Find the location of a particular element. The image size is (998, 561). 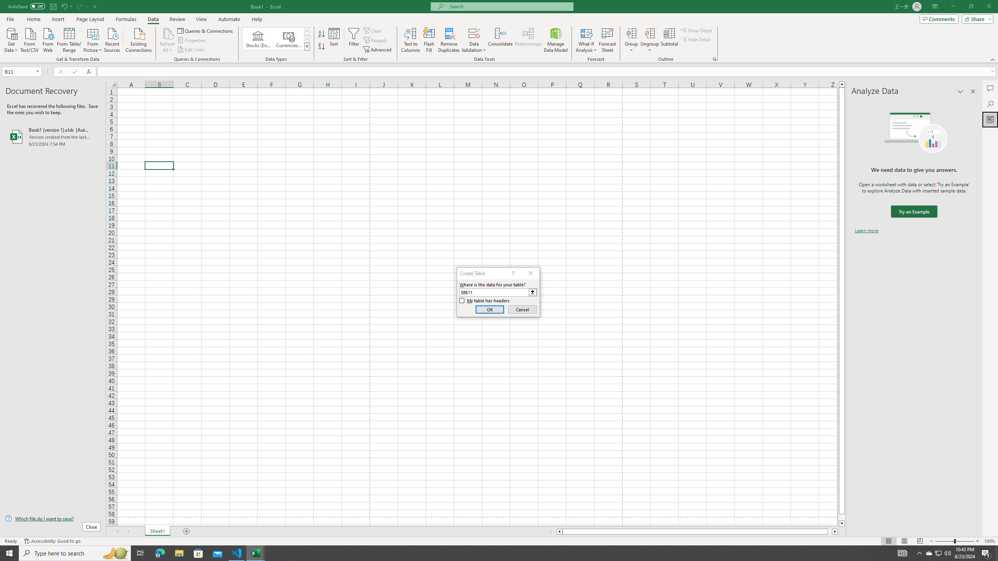

'Sort Z to A' is located at coordinates (321, 46).